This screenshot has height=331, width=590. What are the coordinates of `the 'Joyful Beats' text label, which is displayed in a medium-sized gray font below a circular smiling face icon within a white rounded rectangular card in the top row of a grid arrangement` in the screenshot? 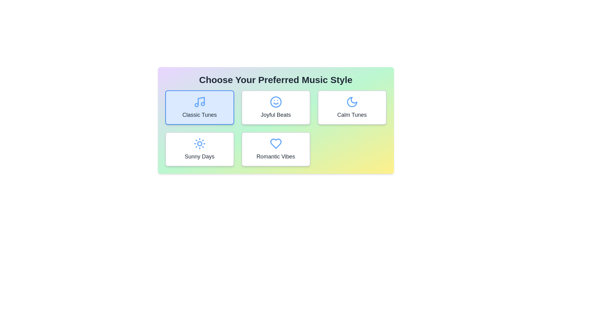 It's located at (275, 115).